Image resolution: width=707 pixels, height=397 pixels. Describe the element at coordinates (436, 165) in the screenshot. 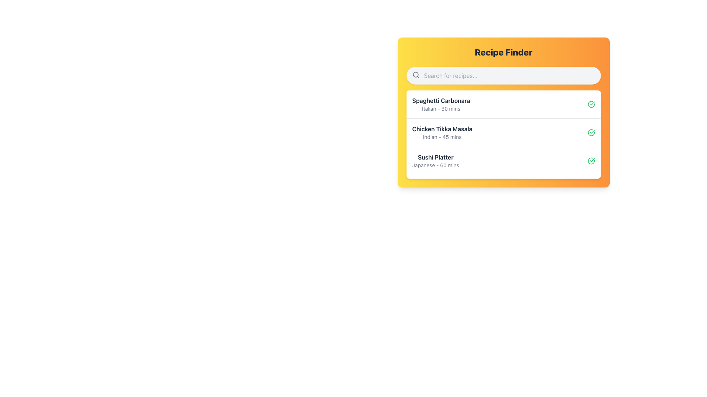

I see `the 'Japanese' cuisine label that specifies the estimated preparation time as '60 mins' under the 'Sushi Platter' recipe entry` at that location.